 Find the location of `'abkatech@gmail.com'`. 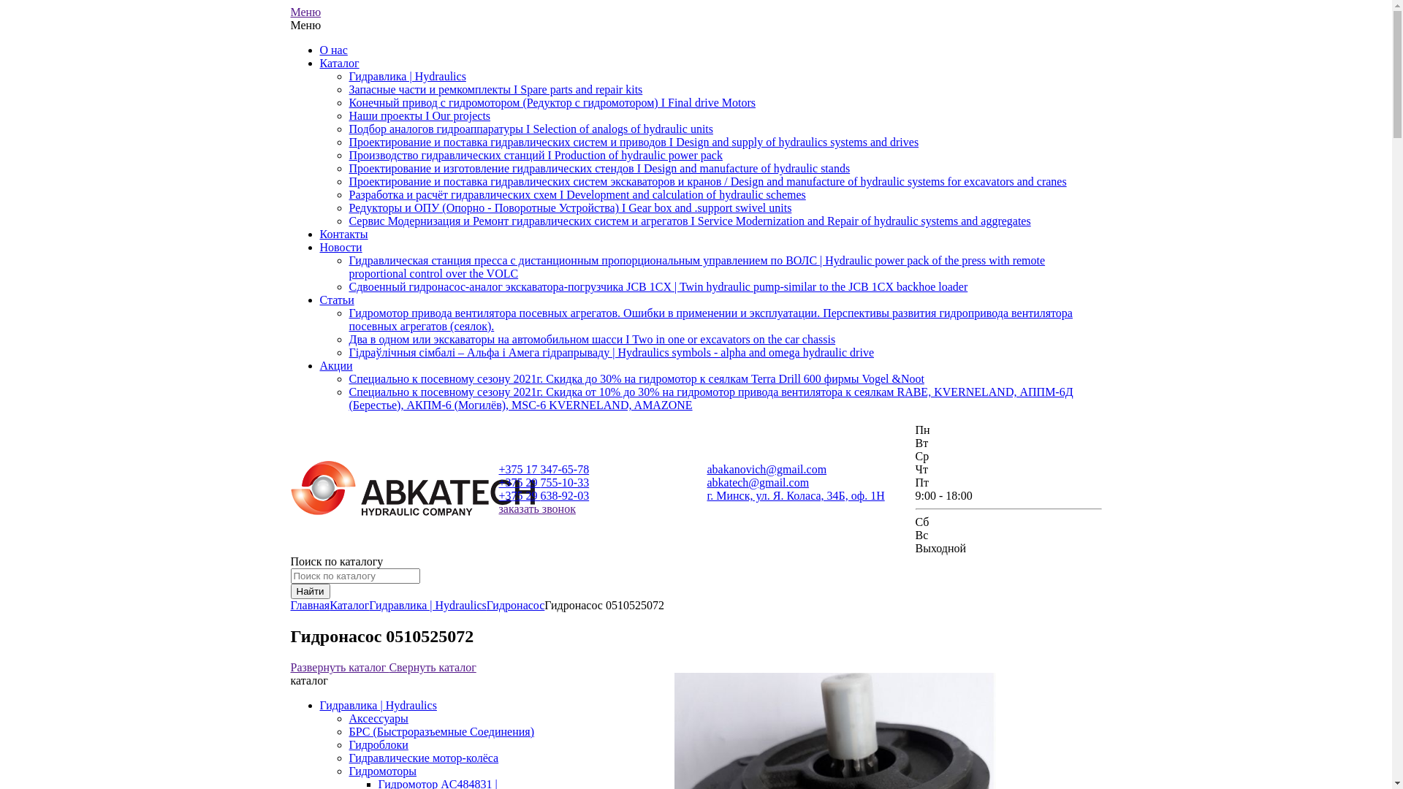

'abkatech@gmail.com' is located at coordinates (758, 482).